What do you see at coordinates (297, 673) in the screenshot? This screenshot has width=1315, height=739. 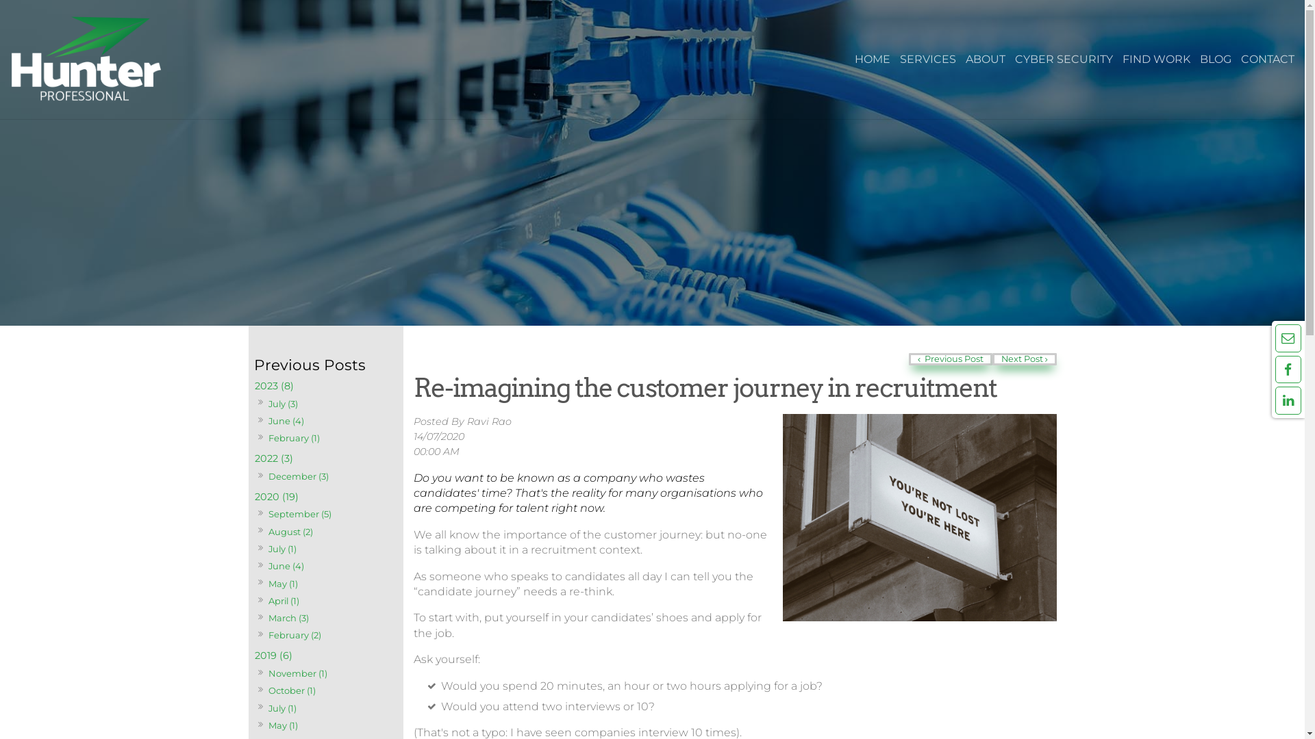 I see `'November (1)'` at bounding box center [297, 673].